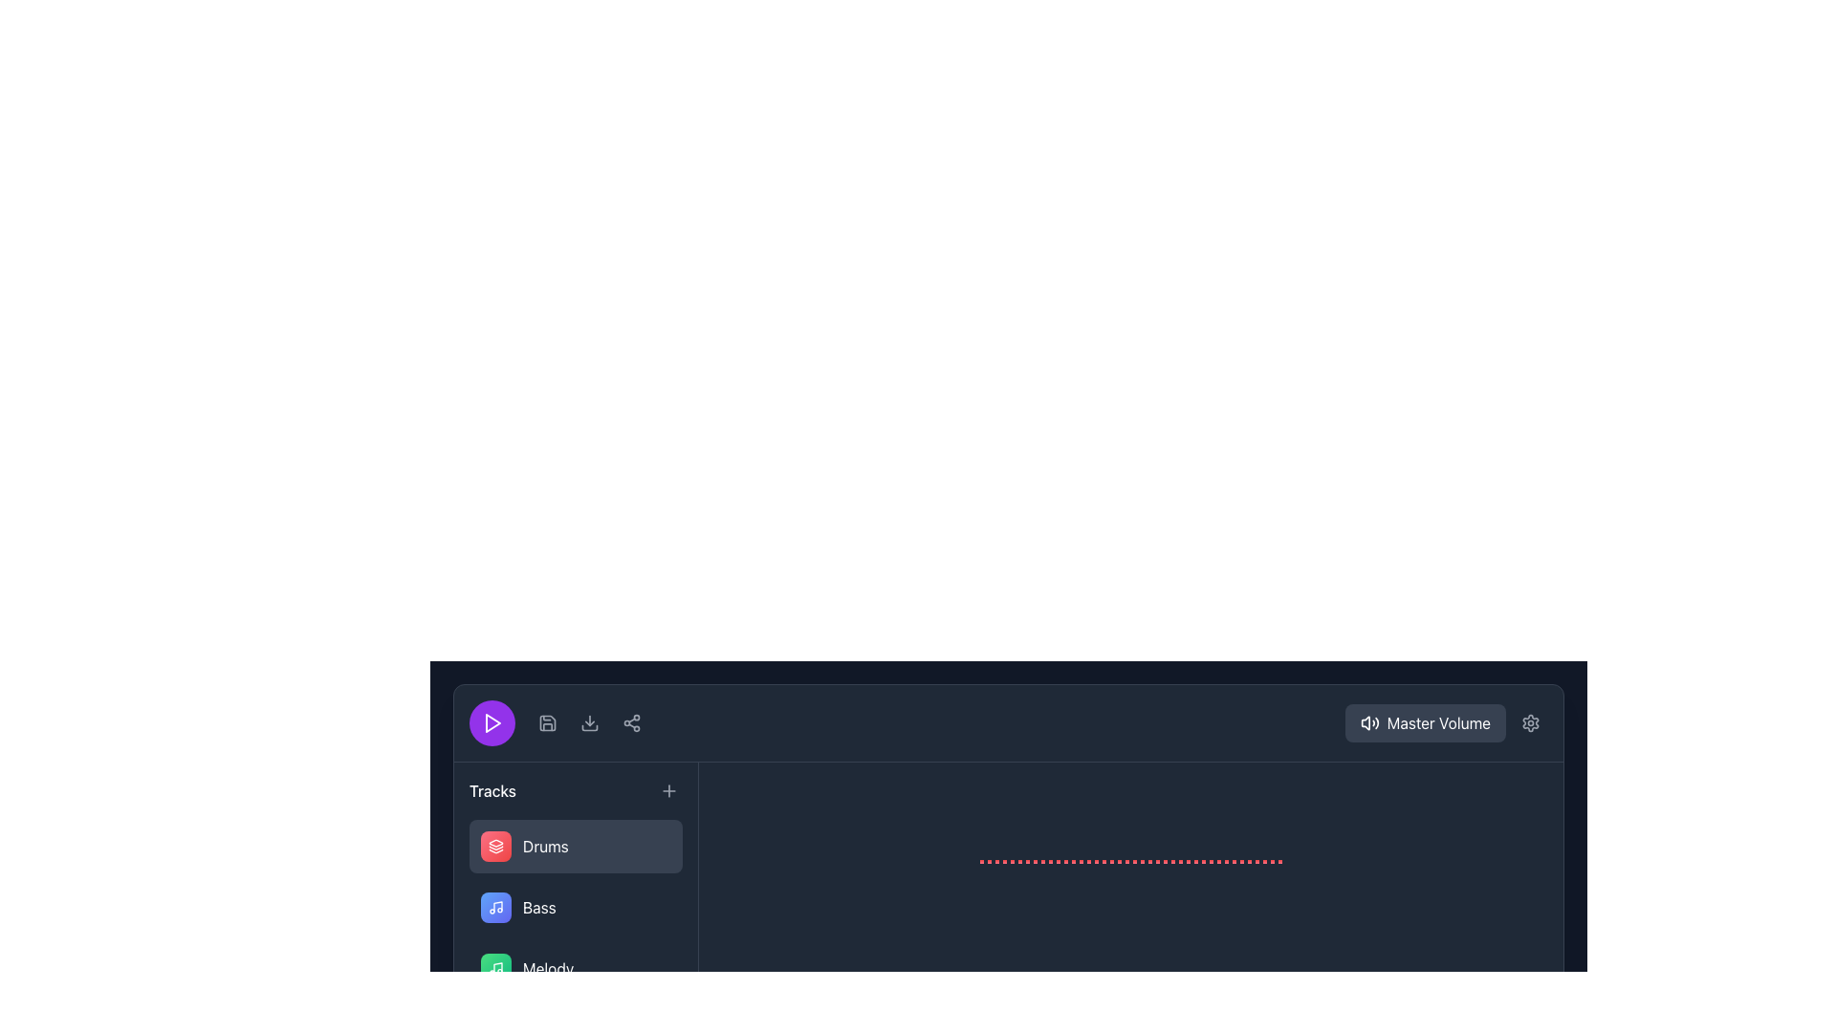  What do you see at coordinates (527, 969) in the screenshot?
I see `the 'Melody' selectable list item, which is the third item in the 'Tracks' list` at bounding box center [527, 969].